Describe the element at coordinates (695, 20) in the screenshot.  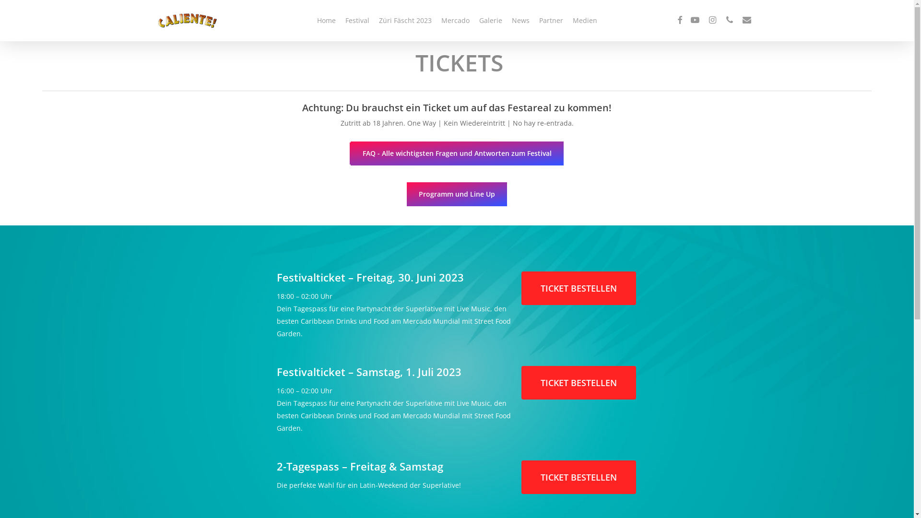
I see `'youtube'` at that location.